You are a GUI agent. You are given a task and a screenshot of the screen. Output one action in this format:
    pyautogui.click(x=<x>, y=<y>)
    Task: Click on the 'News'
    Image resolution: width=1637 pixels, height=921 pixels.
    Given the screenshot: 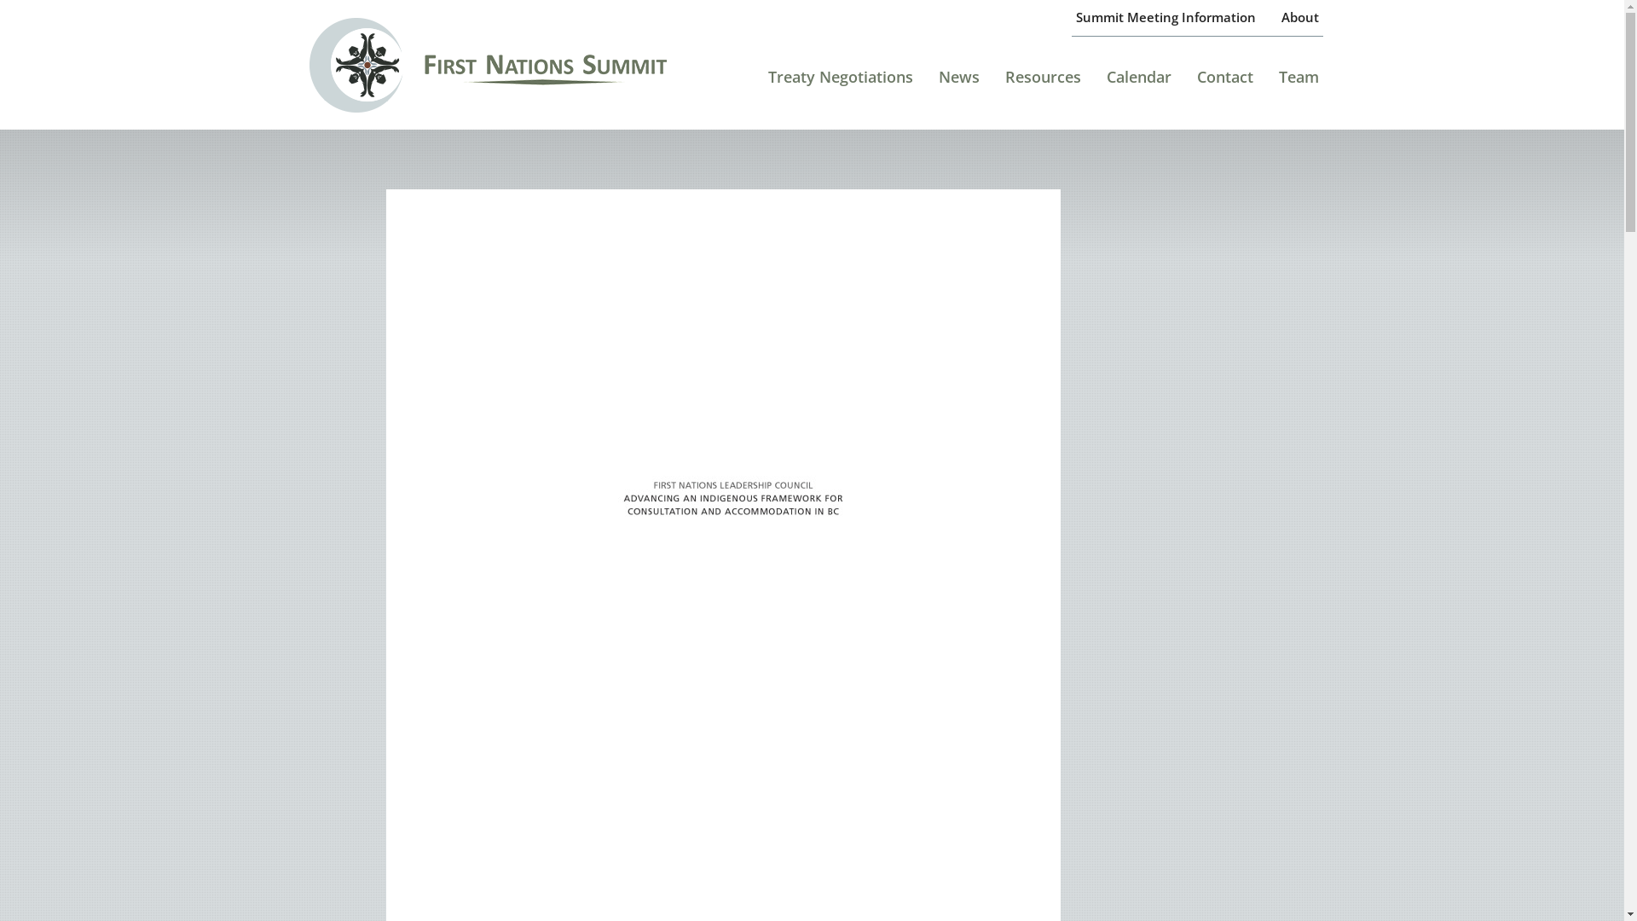 What is the action you would take?
    pyautogui.click(x=958, y=83)
    